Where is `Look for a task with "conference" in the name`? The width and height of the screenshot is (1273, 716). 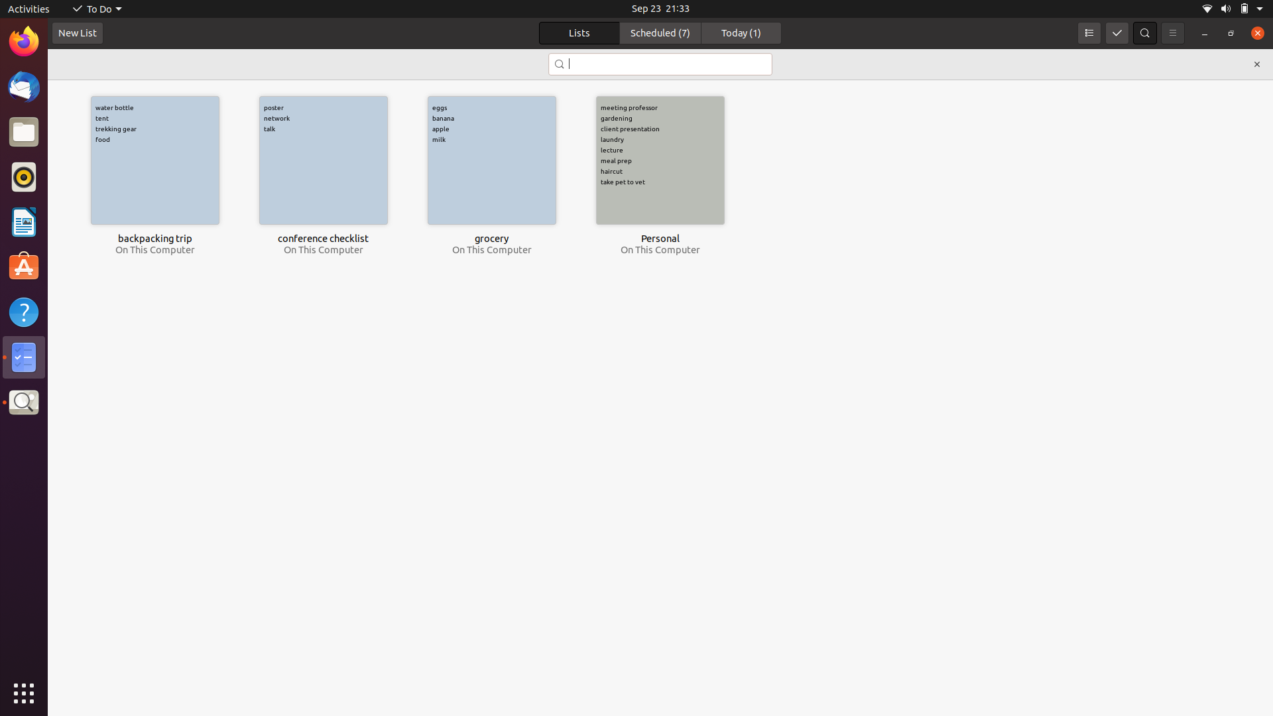
Look for a task with "conference" in the name is located at coordinates (659, 64).